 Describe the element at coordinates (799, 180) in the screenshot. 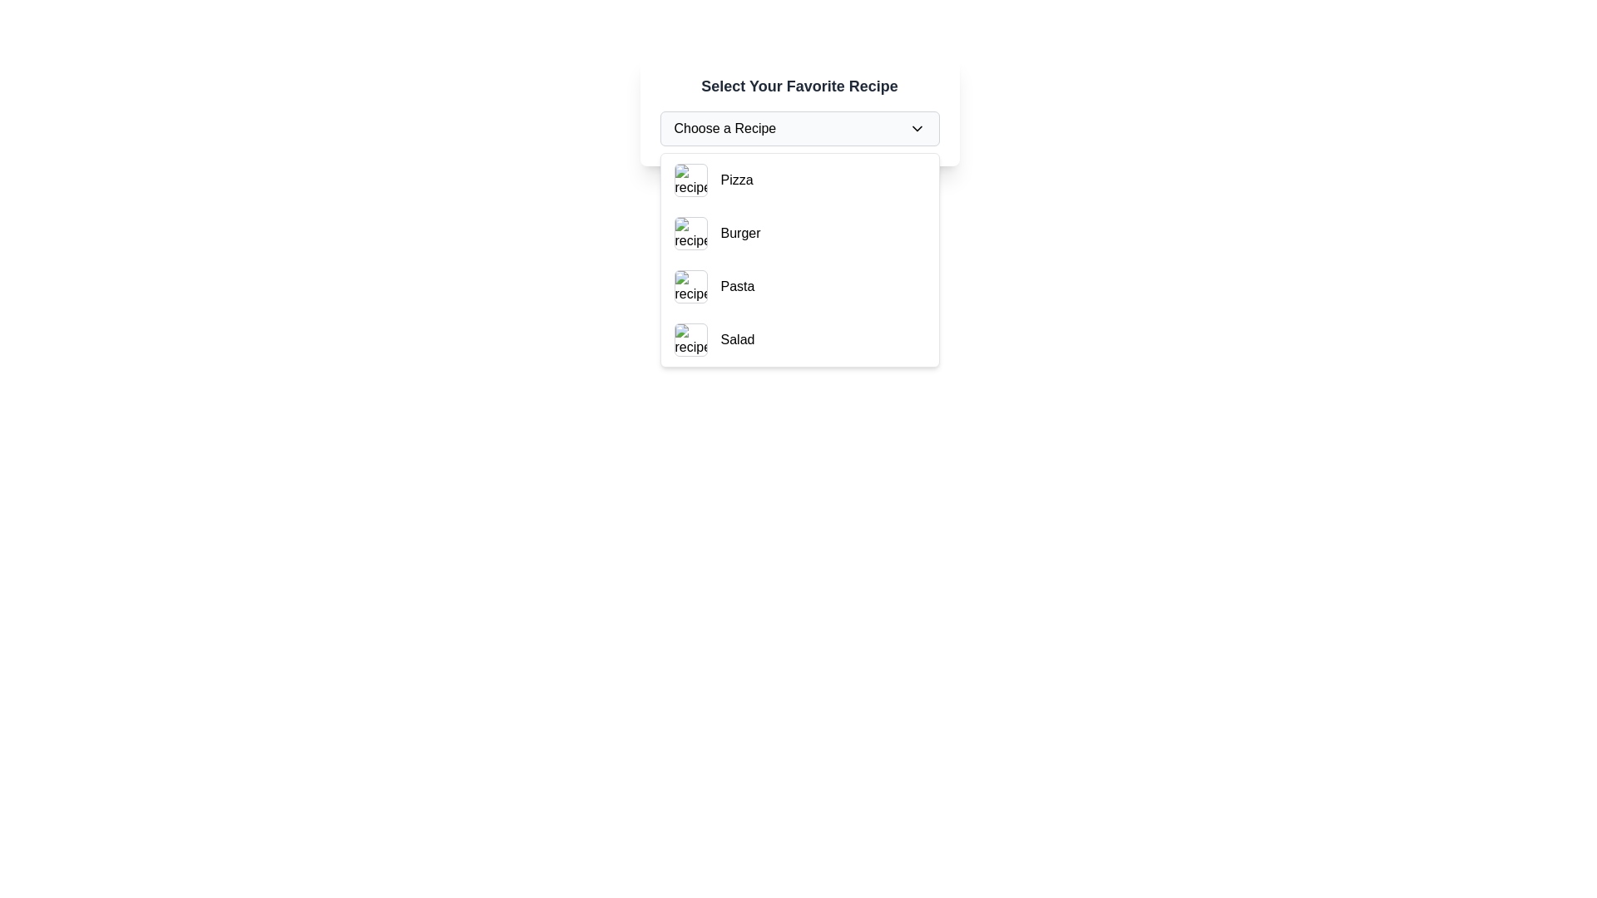

I see `the first selectable list item in the dropdown menu to choose 'Pizza' for visual feedback` at that location.